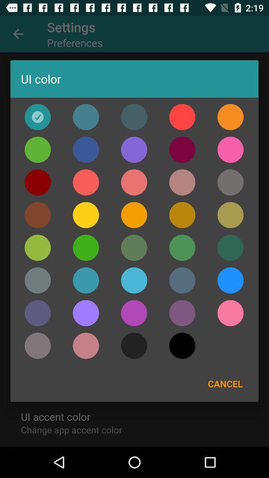 This screenshot has width=269, height=478. I want to click on orange color, so click(182, 117).